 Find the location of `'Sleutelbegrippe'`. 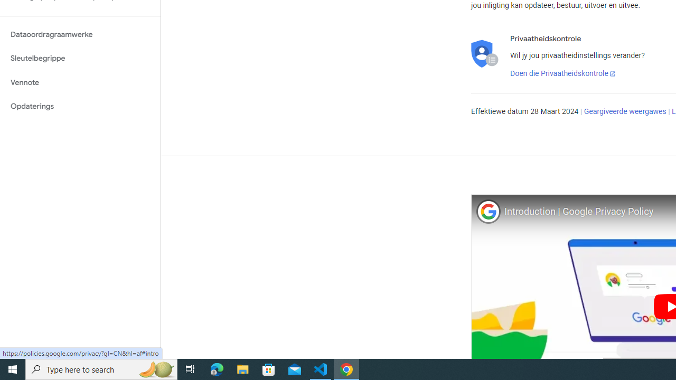

'Sleutelbegrippe' is located at coordinates (80, 58).